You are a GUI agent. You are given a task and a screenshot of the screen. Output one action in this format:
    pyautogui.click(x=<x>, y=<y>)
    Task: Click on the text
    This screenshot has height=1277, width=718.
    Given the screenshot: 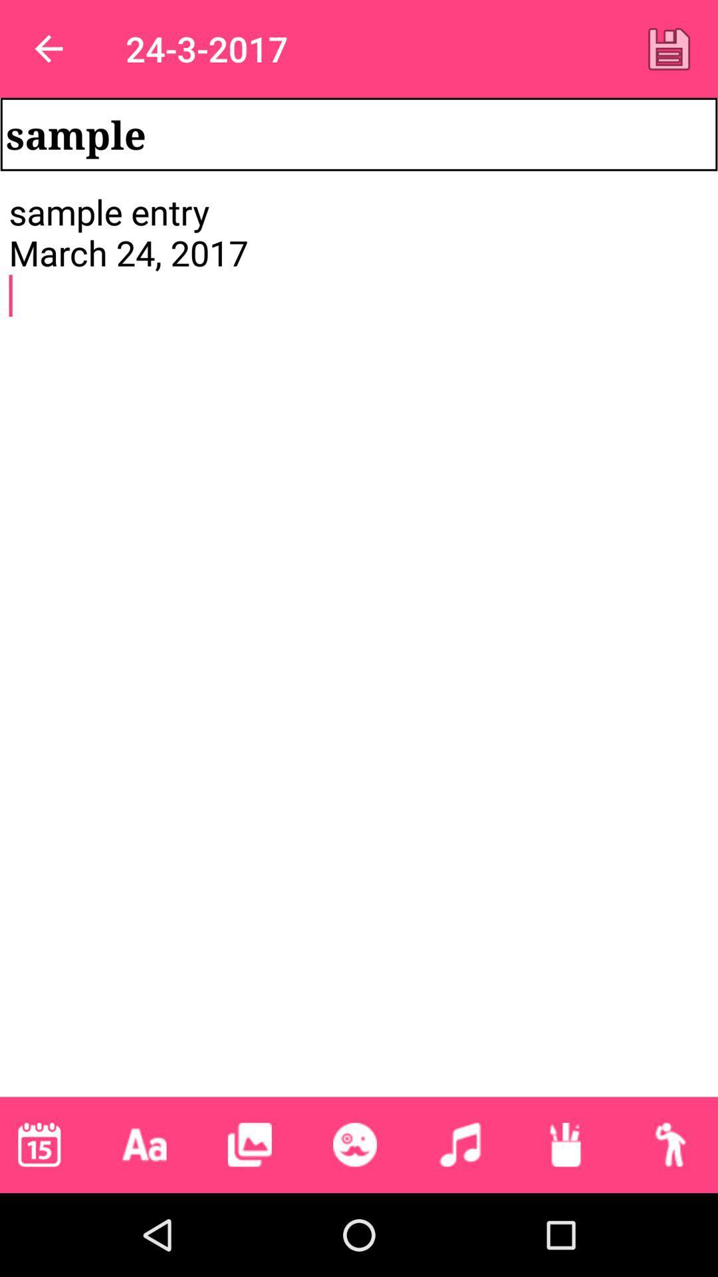 What is the action you would take?
    pyautogui.click(x=669, y=49)
    